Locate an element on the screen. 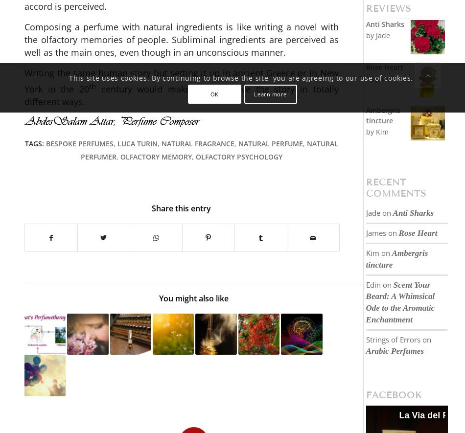  'Arabic Perfumes' is located at coordinates (394, 350).